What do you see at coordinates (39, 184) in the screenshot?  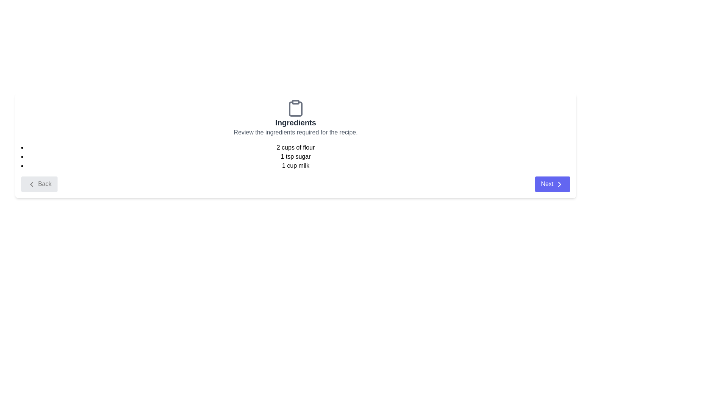 I see `the 'Back' button to navigate to the previous step` at bounding box center [39, 184].